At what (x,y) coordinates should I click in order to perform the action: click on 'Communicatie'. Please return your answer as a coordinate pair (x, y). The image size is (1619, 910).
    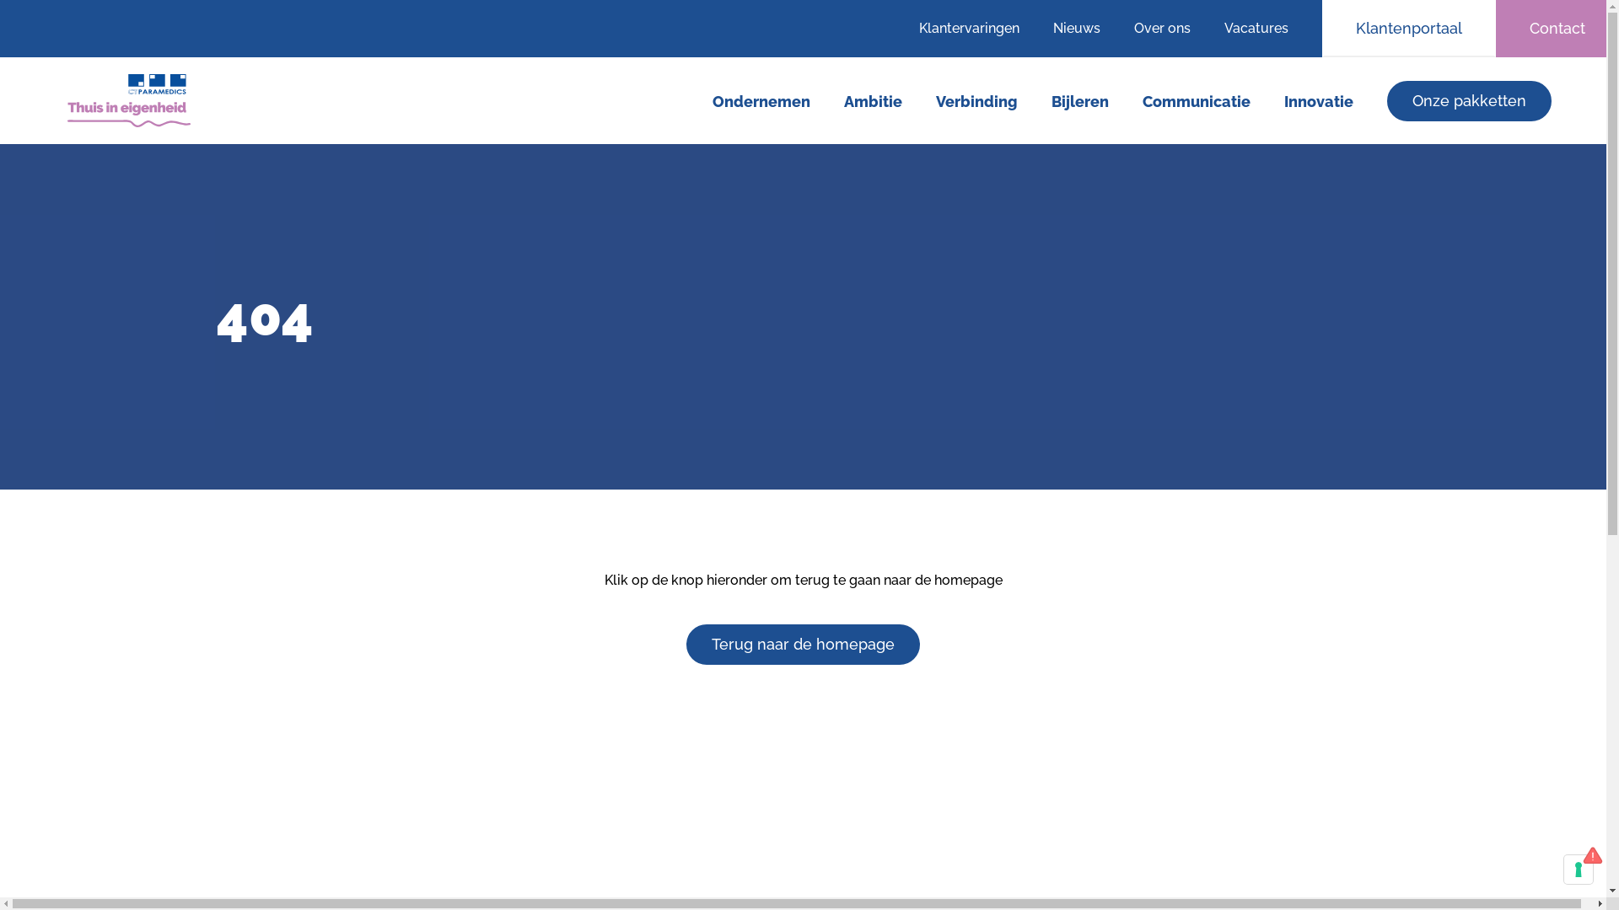
    Looking at the image, I should click on (1142, 101).